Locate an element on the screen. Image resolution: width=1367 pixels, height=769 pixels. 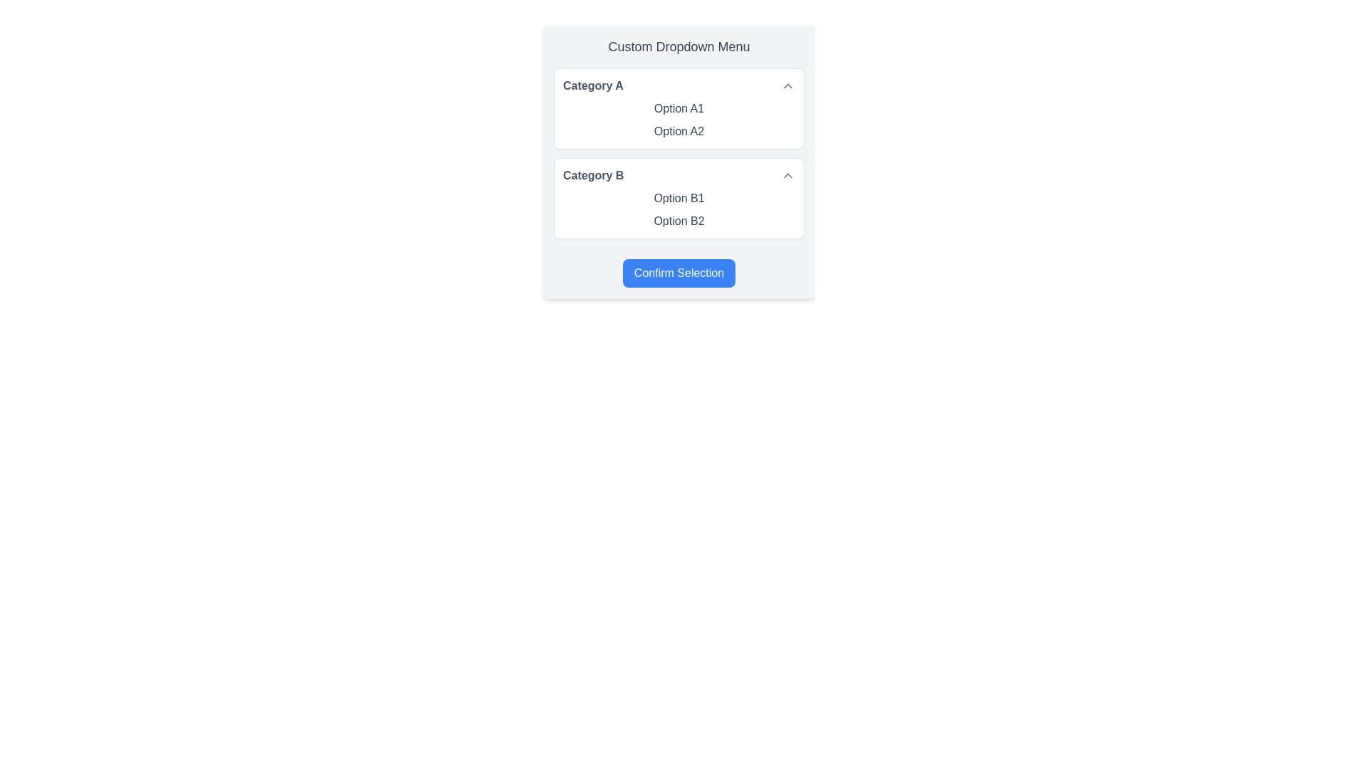
the text label displaying 'Option A2' in the 'Category A' dropdown list to change its shade is located at coordinates (679, 132).